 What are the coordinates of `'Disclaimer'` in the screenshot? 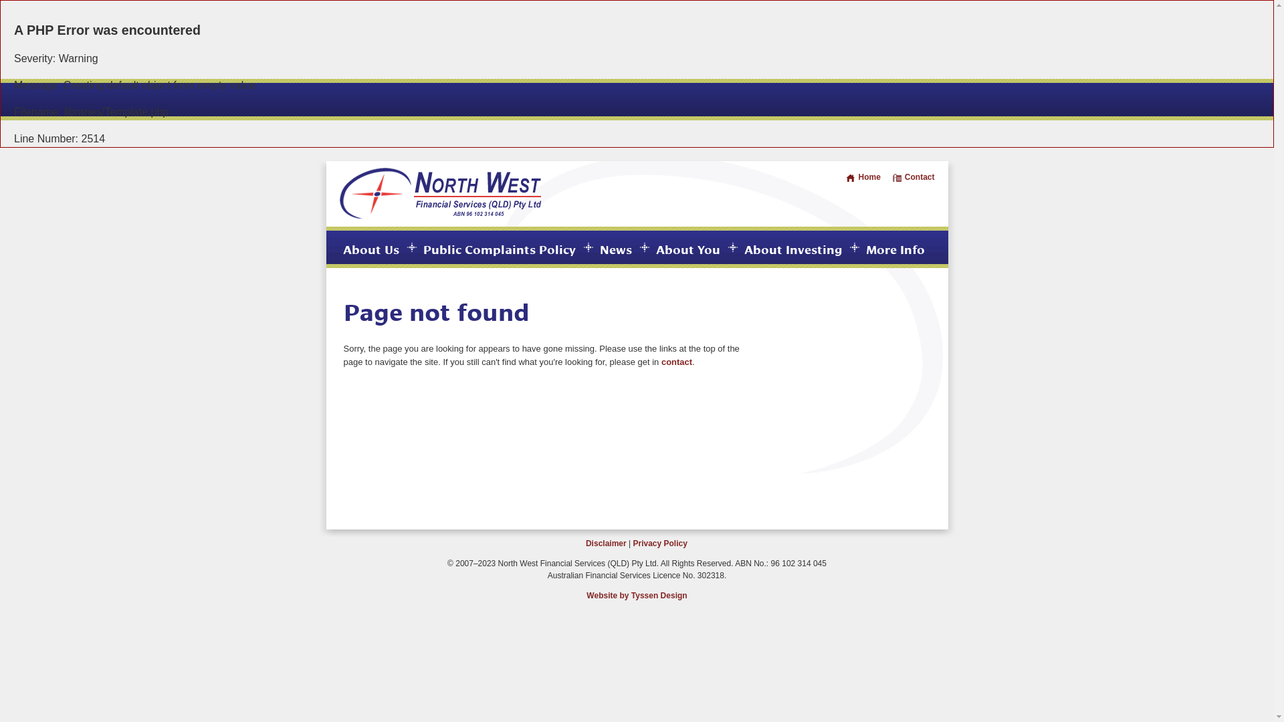 It's located at (605, 544).